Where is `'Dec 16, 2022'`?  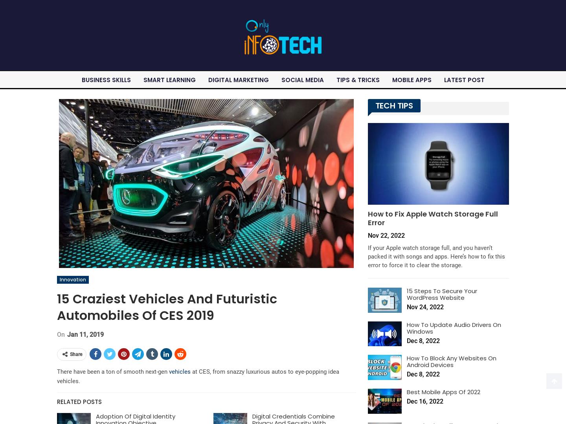 'Dec 16, 2022' is located at coordinates (424, 401).